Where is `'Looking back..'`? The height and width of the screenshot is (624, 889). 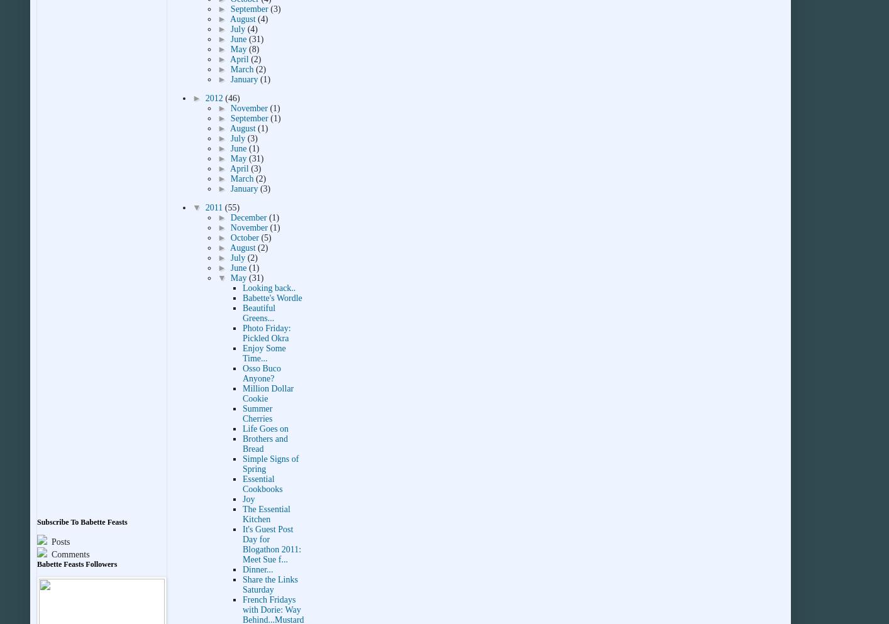 'Looking back..' is located at coordinates (268, 288).